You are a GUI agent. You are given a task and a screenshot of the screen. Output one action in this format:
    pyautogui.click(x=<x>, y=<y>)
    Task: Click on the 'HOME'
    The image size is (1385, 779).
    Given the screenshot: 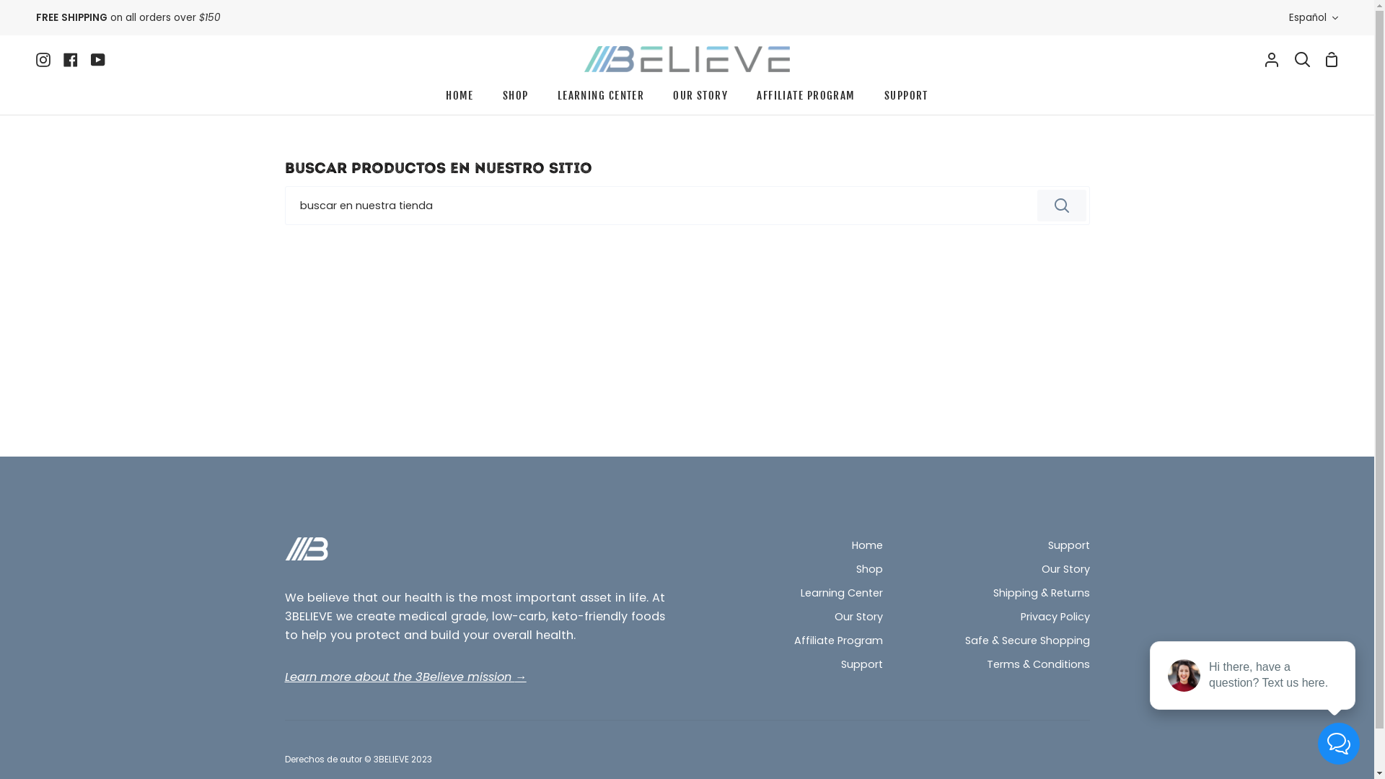 What is the action you would take?
    pyautogui.click(x=459, y=98)
    